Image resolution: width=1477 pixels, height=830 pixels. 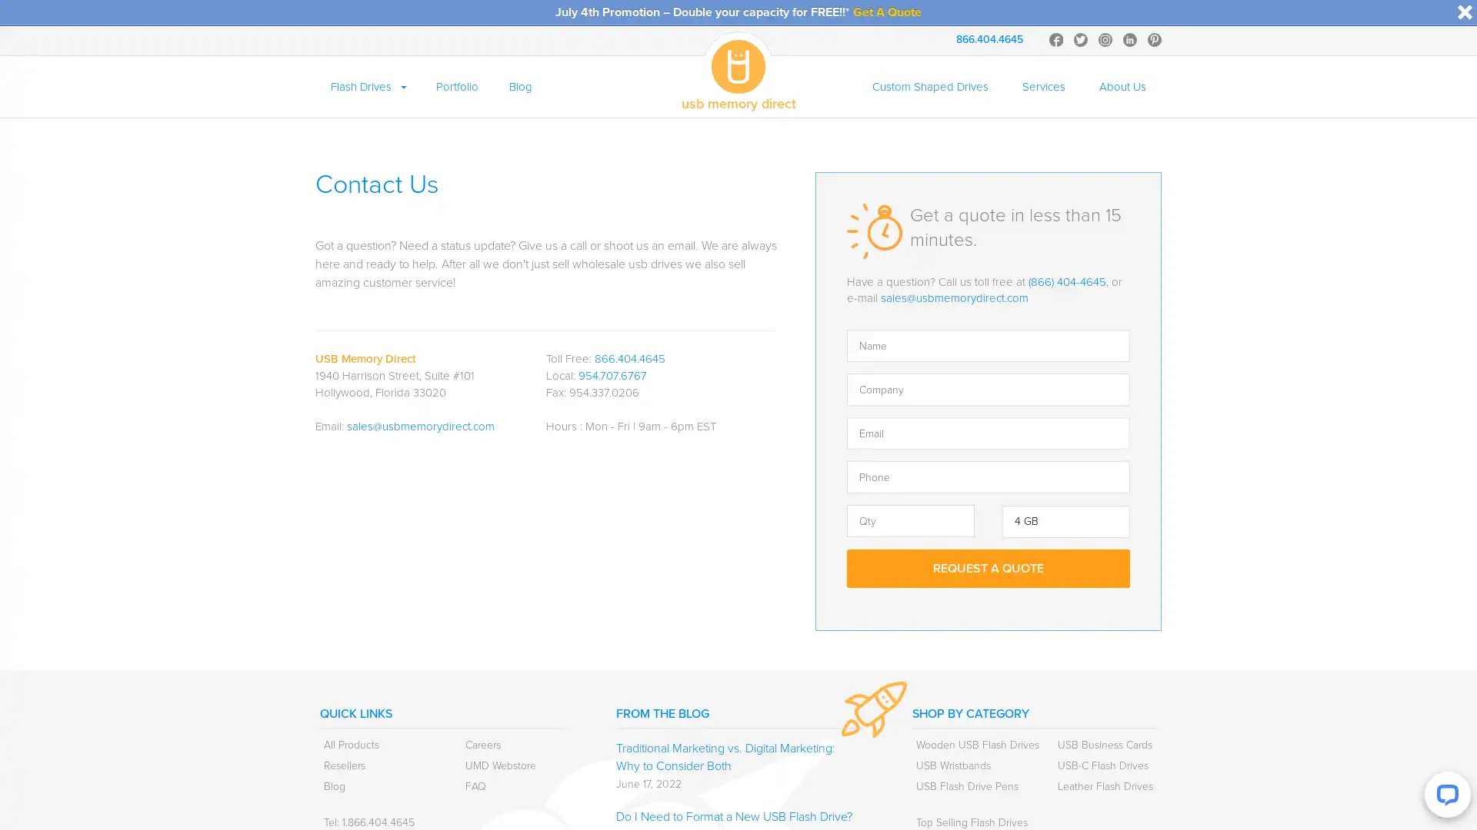 I want to click on Request A Quote, so click(x=989, y=568).